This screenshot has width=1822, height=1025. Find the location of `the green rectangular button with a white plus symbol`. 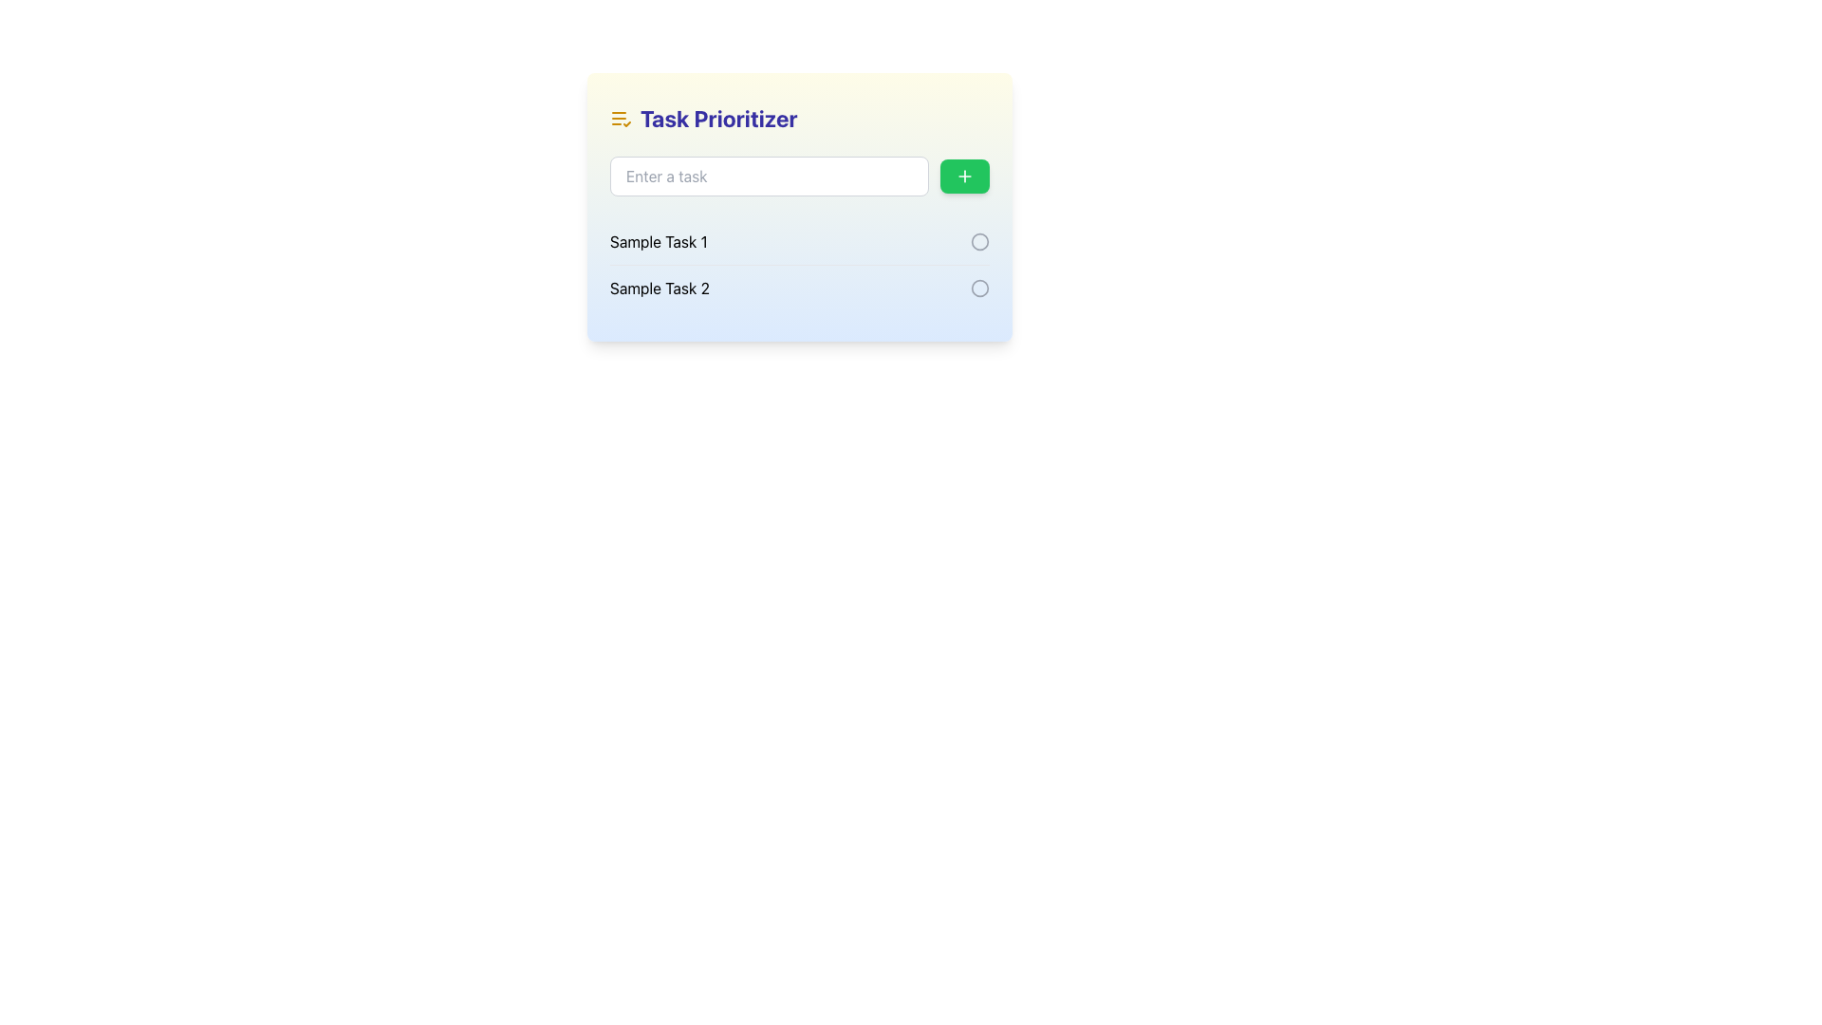

the green rectangular button with a white plus symbol is located at coordinates (965, 176).